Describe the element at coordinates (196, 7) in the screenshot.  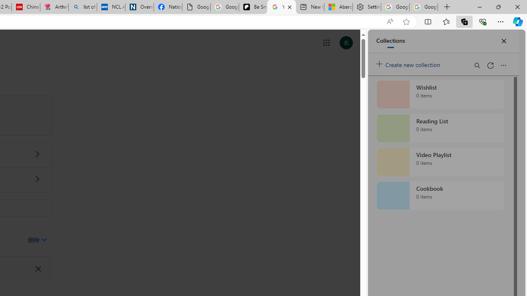
I see `'Google Analytics Opt-out Browser Add-on Download Page'` at that location.